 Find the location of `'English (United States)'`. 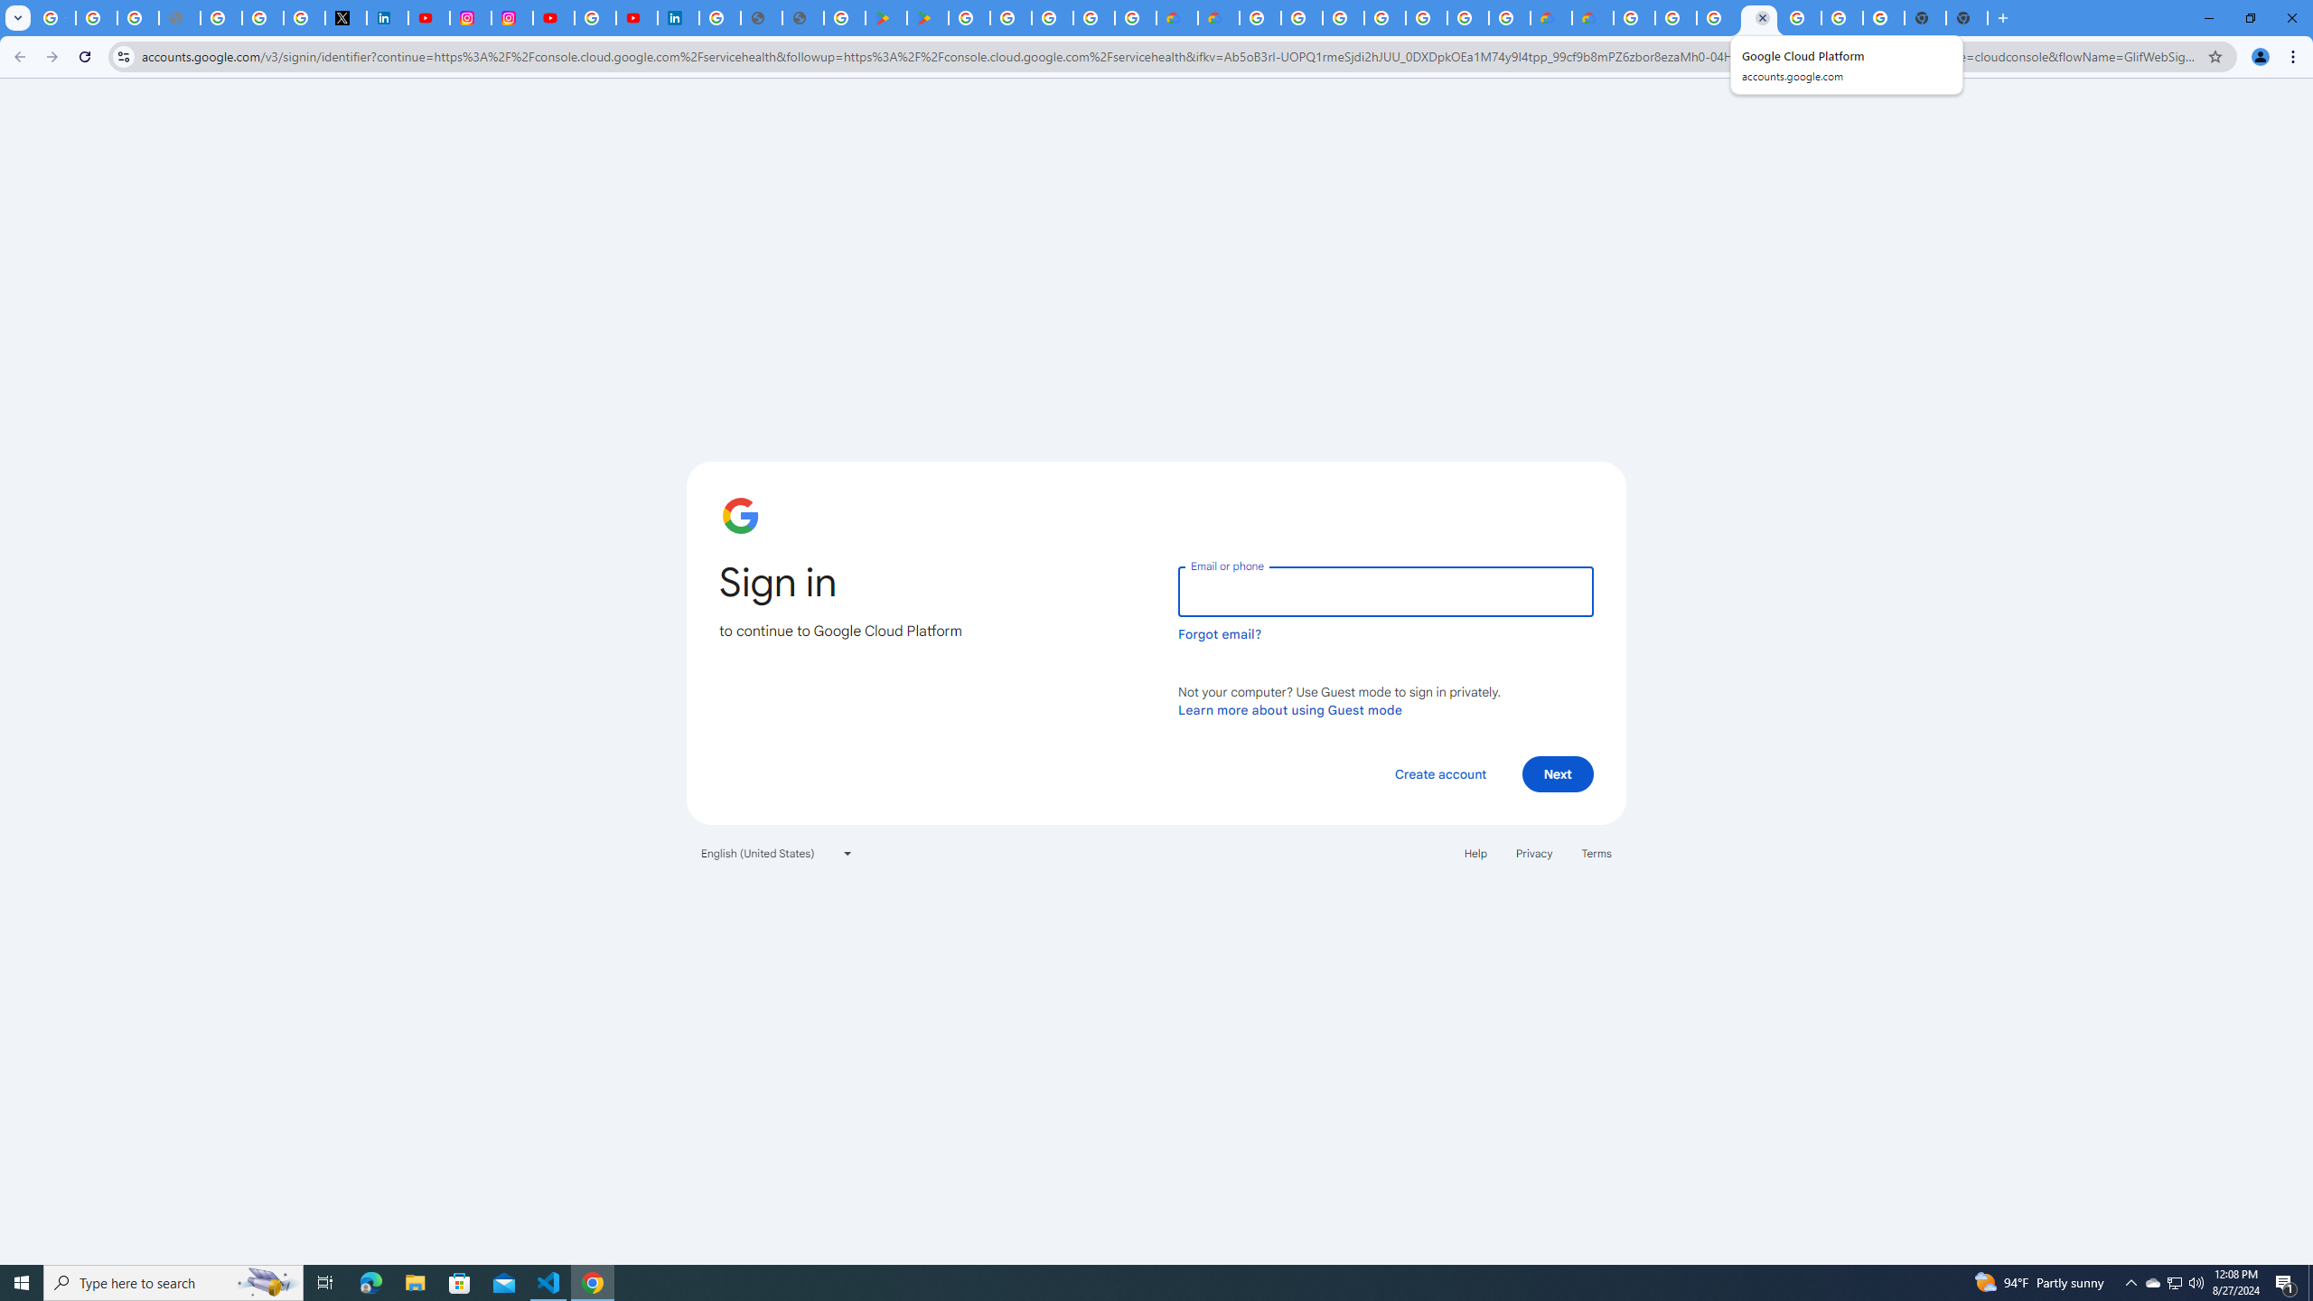

'English (United States)' is located at coordinates (777, 851).